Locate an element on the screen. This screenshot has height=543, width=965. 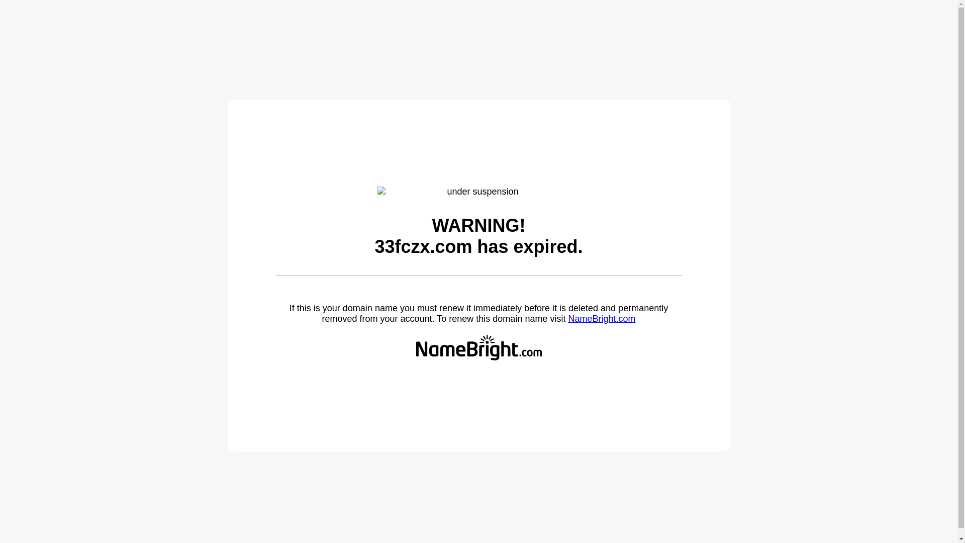
'NameBright.com' is located at coordinates (601, 318).